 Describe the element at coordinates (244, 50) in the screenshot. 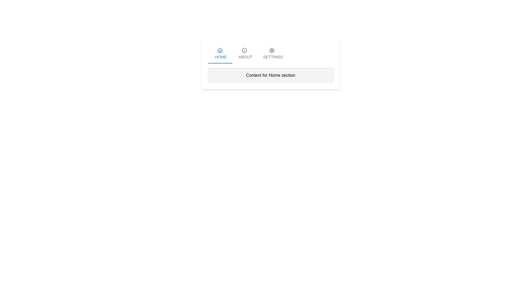

I see `the circular outline element of the 'ABOUT' tab icon, which is part of the tabular navigation bar` at that location.